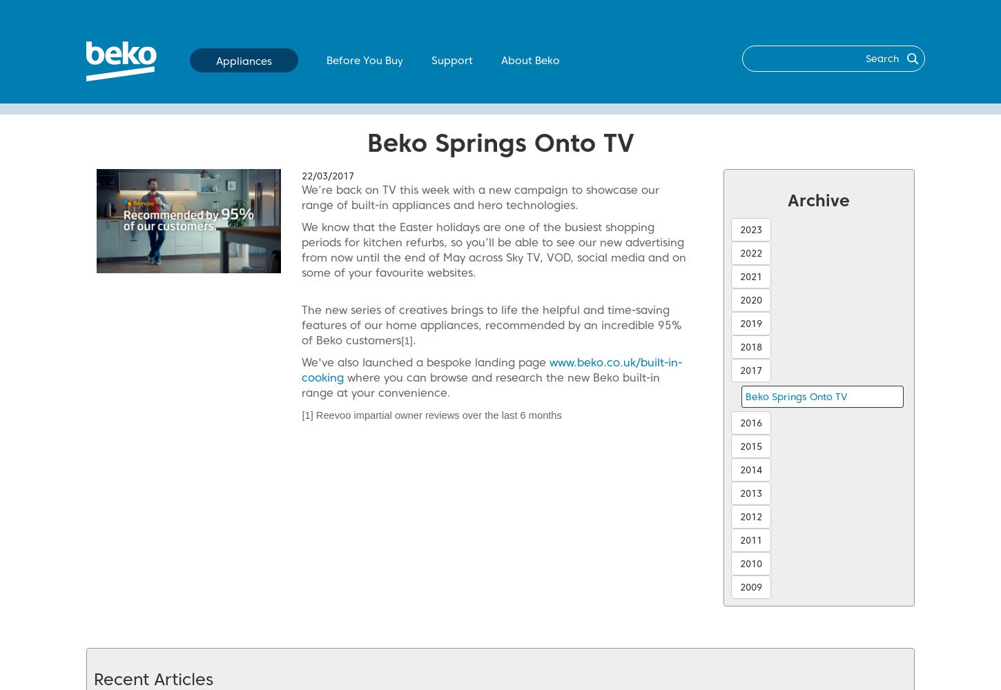 The width and height of the screenshot is (1001, 690). What do you see at coordinates (750, 563) in the screenshot?
I see `'2010'` at bounding box center [750, 563].